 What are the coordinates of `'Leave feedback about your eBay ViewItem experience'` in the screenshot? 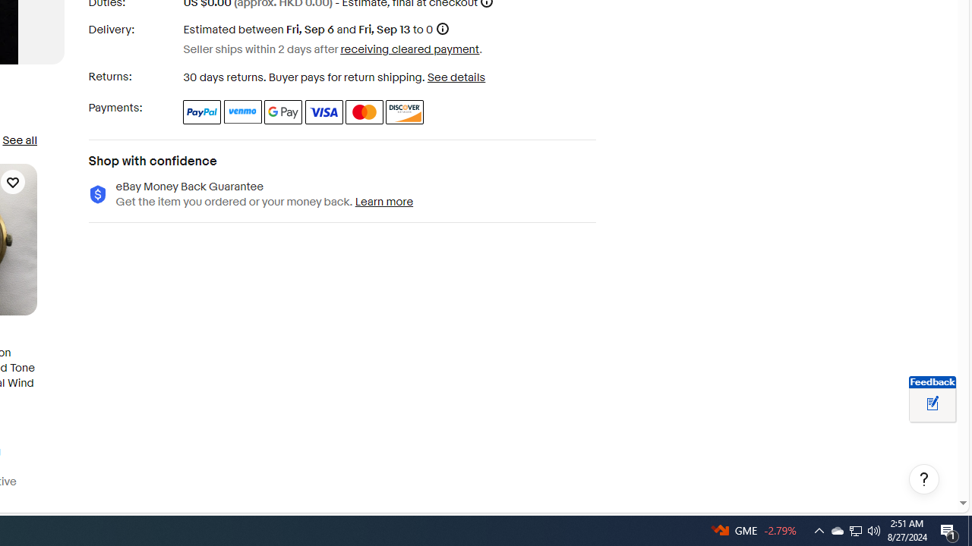 It's located at (932, 403).